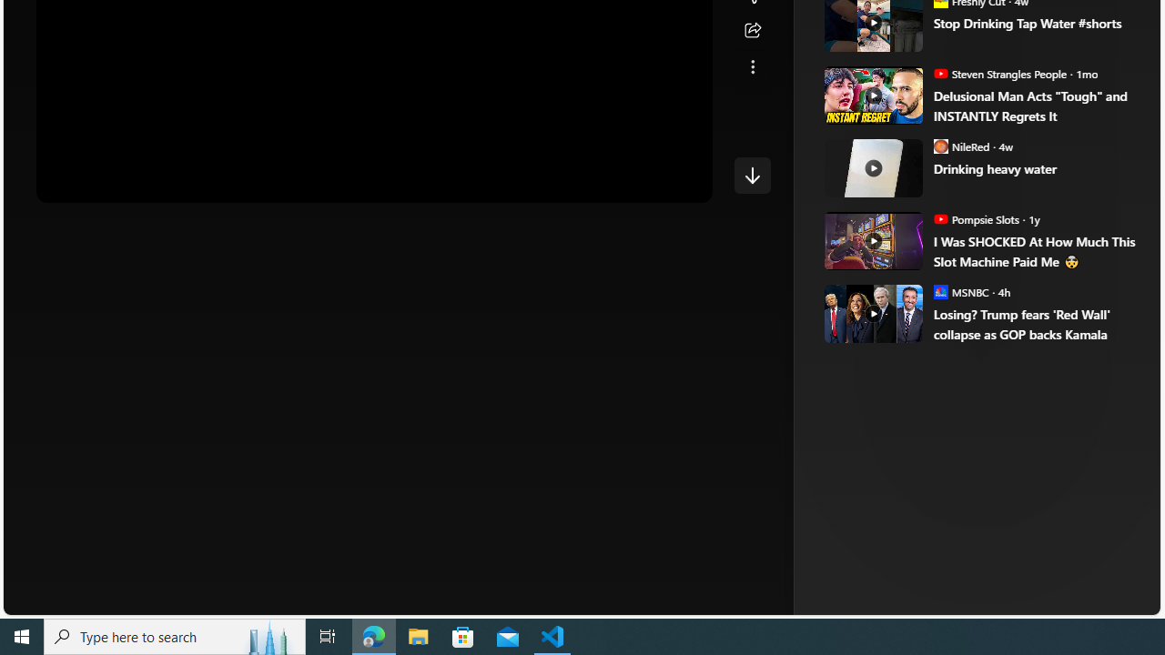 Image resolution: width=1165 pixels, height=655 pixels. Describe the element at coordinates (1034, 106) in the screenshot. I see `'Delusional Man Acts "Tough" and INSTANTLY Regrets It'` at that location.